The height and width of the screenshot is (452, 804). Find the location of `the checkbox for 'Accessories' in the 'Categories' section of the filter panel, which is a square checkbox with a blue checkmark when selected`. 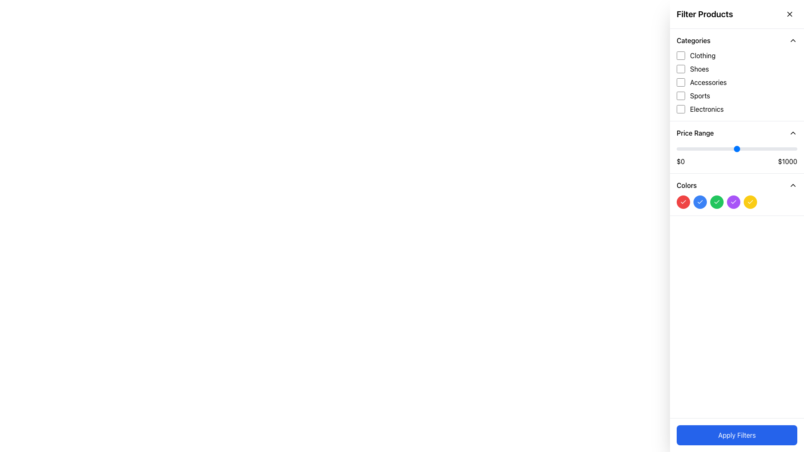

the checkbox for 'Accessories' in the 'Categories' section of the filter panel, which is a square checkbox with a blue checkmark when selected is located at coordinates (681, 82).